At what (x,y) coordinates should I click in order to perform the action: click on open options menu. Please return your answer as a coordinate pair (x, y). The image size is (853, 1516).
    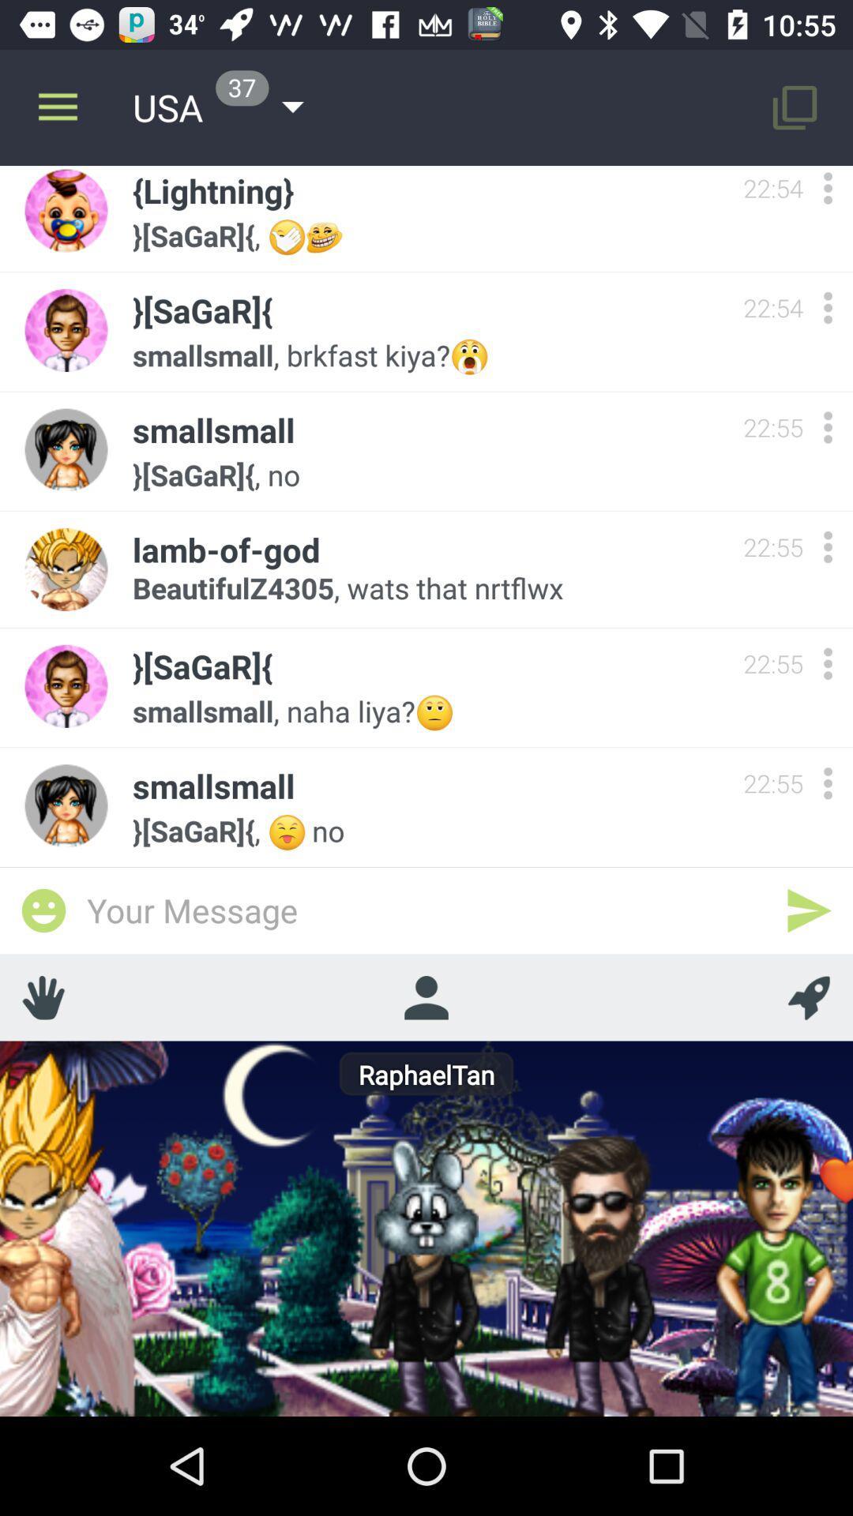
    Looking at the image, I should click on (827, 307).